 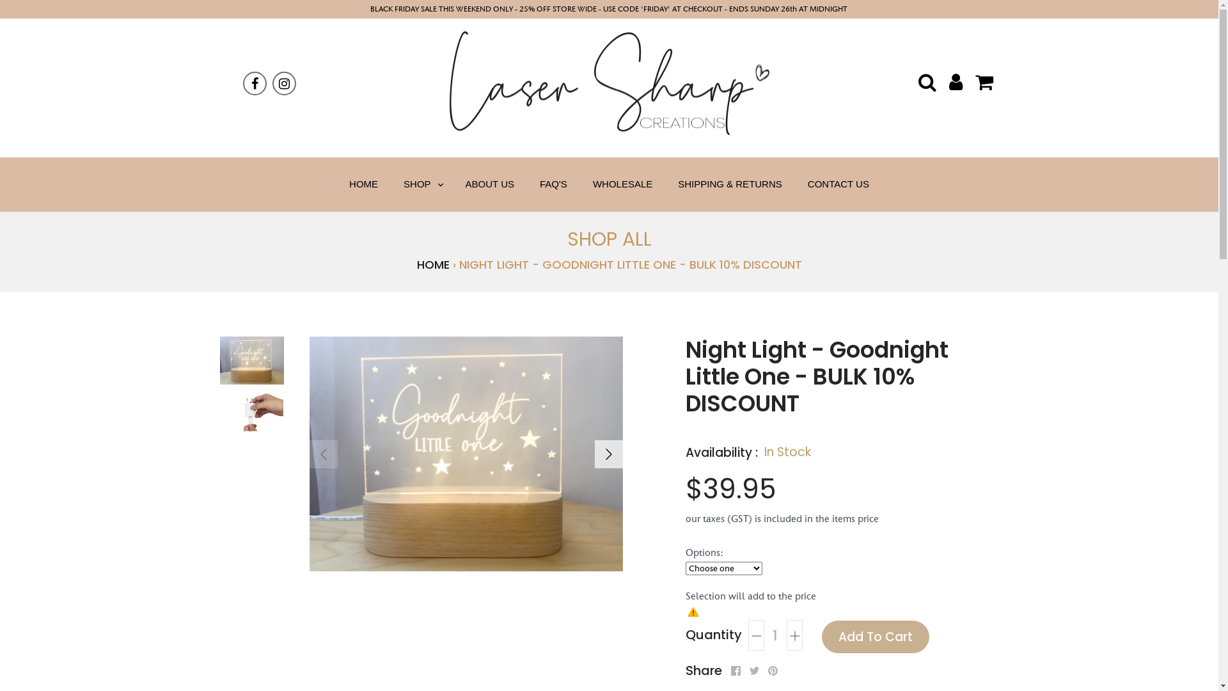 I want to click on 'ABOUT US', so click(x=489, y=184).